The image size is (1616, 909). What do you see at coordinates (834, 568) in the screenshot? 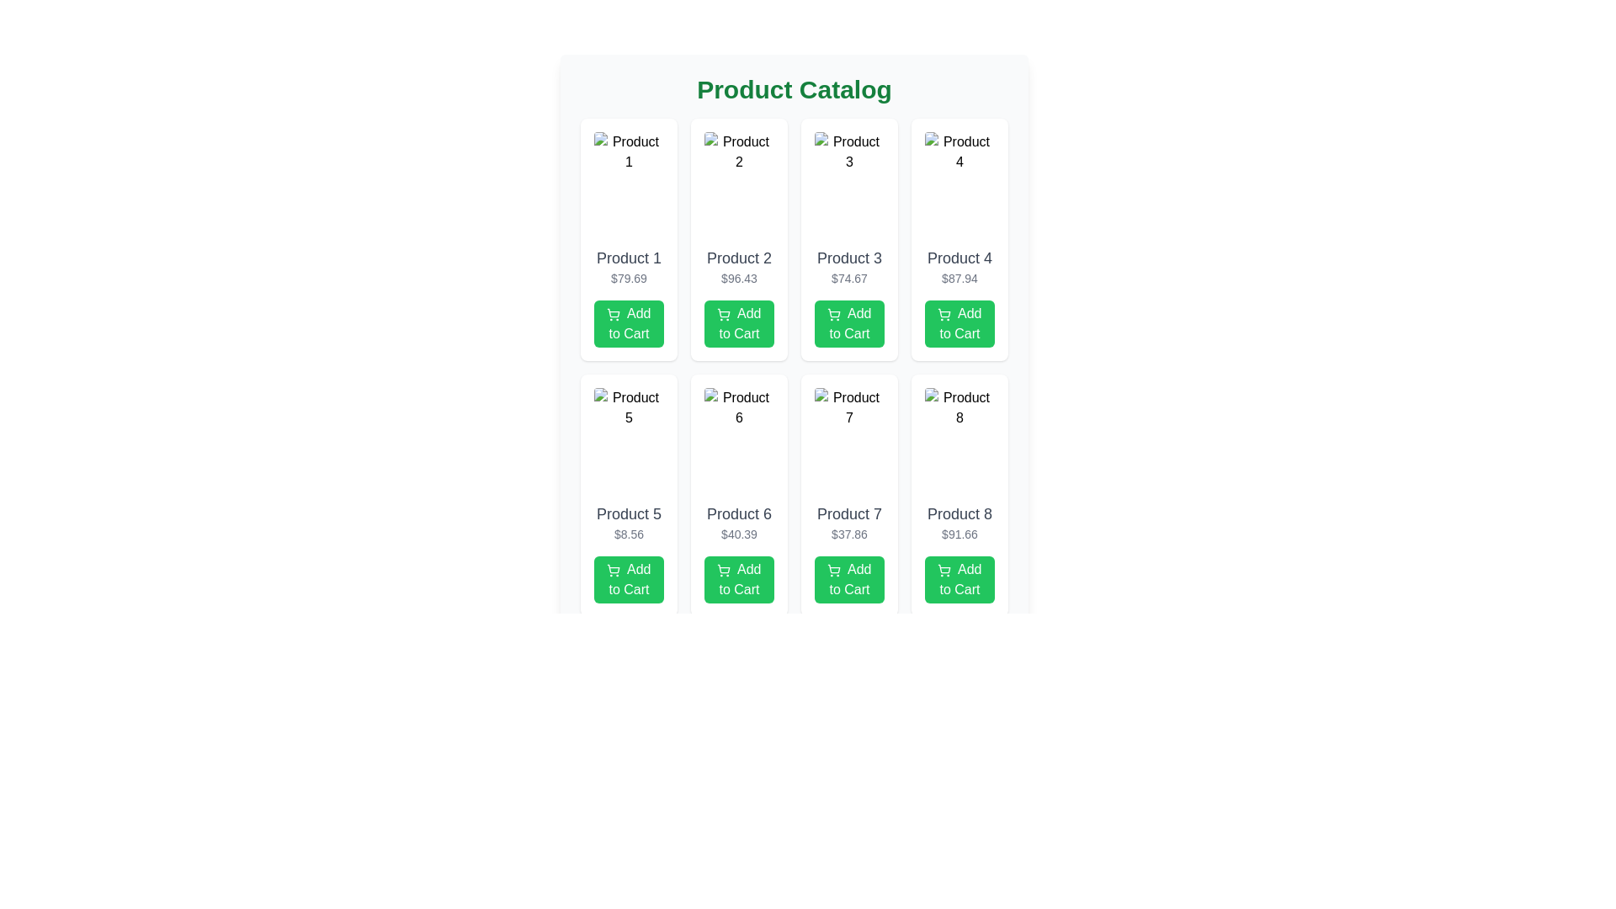
I see `the shopping cart icon located in the bottom right corner of the 'Add to Cart' button for the seventh product in the product catalog grid` at bounding box center [834, 568].